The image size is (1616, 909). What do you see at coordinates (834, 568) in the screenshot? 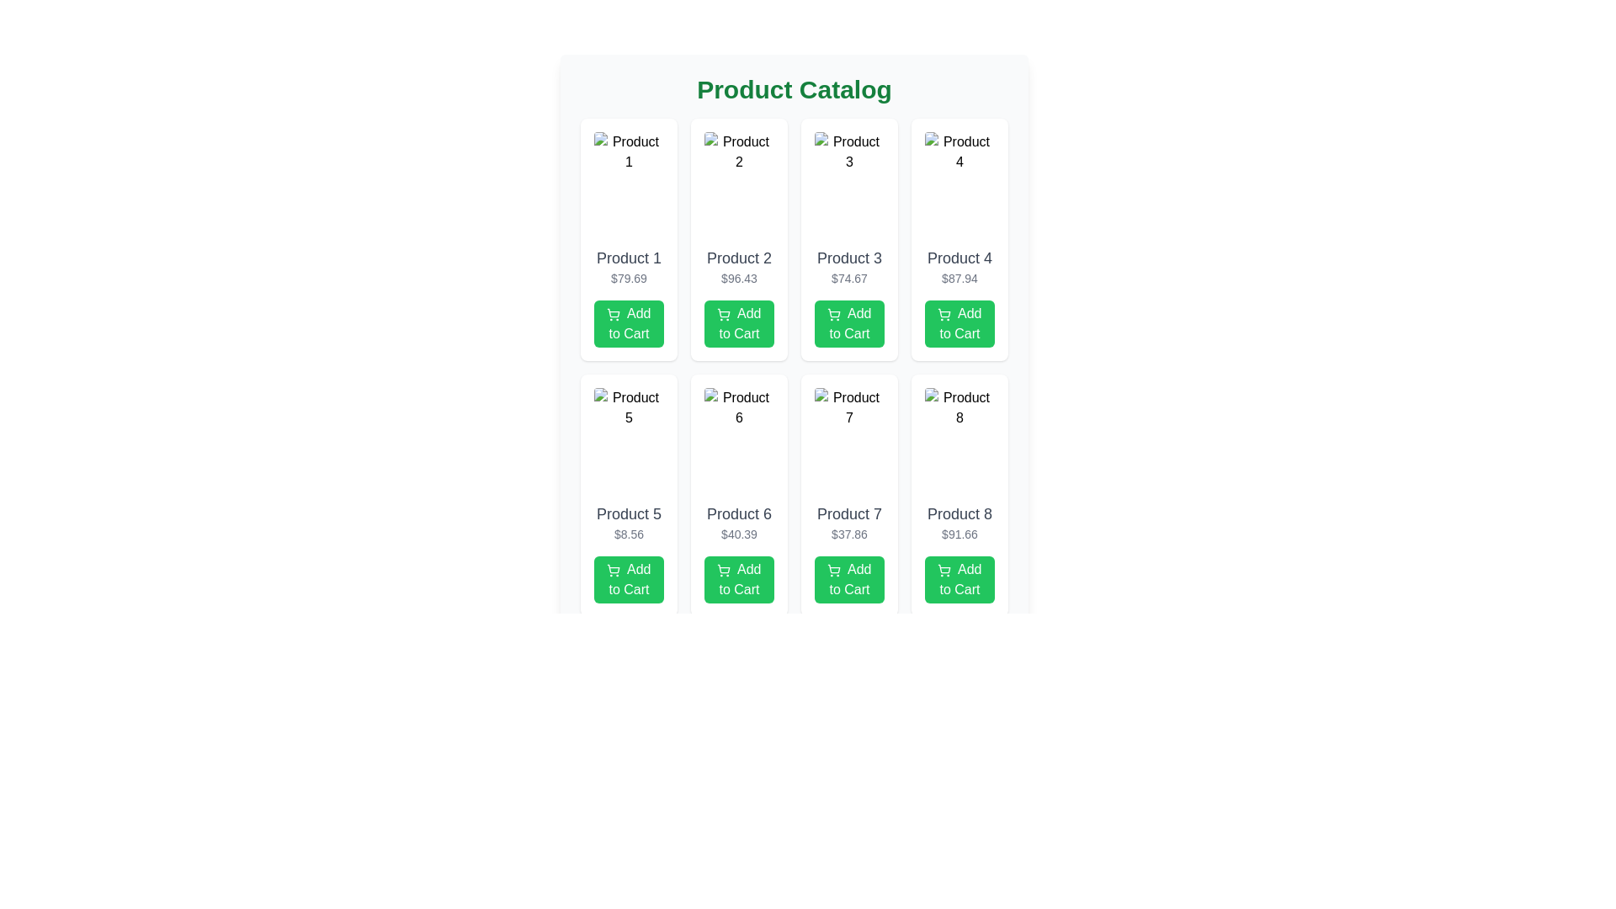
I see `the shopping cart icon located in the bottom right corner of the 'Add to Cart' button for the seventh product in the product catalog grid` at bounding box center [834, 568].